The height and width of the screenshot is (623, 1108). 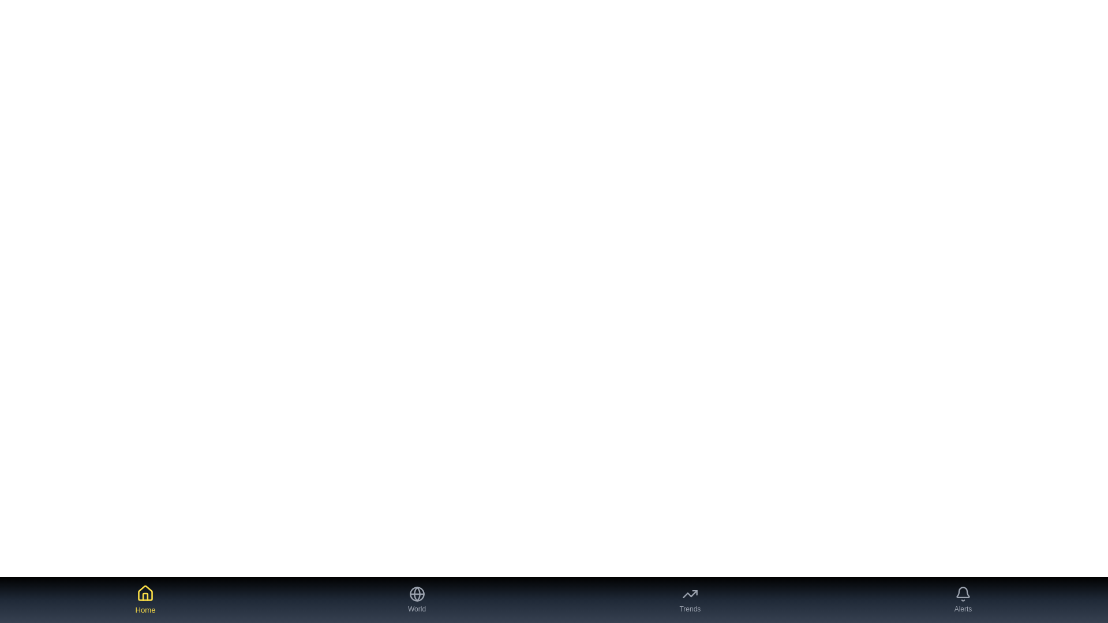 I want to click on the World tab button to navigate to the corresponding tab, so click(x=415, y=599).